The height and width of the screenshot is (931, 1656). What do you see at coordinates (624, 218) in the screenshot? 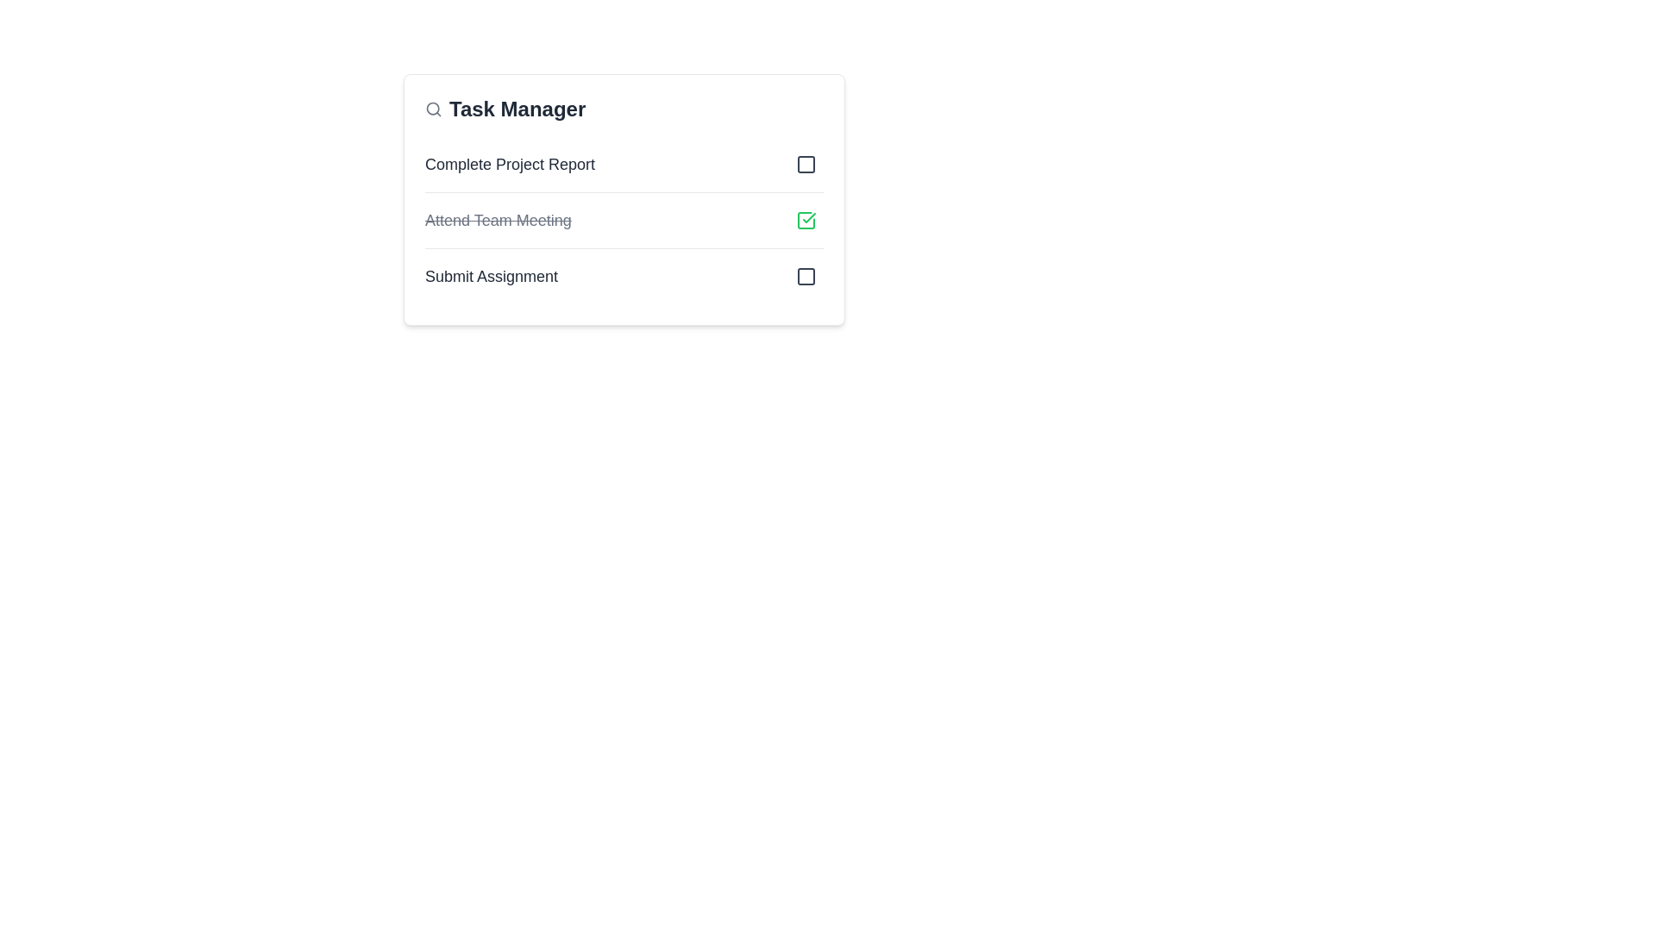
I see `the completed task entry in the task manager list, which is the second task in the list located between 'Complete Project Report' and 'Submit Assignment'` at bounding box center [624, 218].